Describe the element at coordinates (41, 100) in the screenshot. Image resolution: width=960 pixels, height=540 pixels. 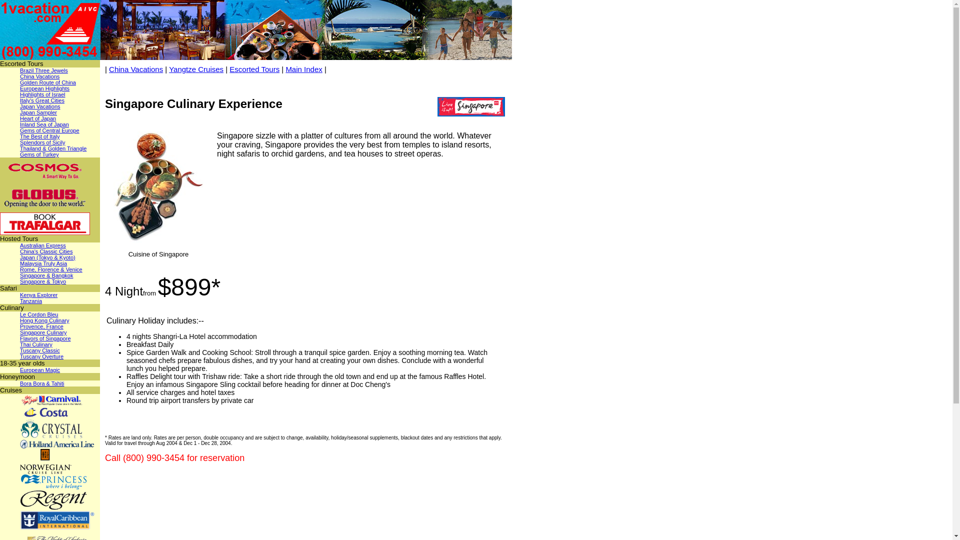
I see `'Italy's Great Cities'` at that location.